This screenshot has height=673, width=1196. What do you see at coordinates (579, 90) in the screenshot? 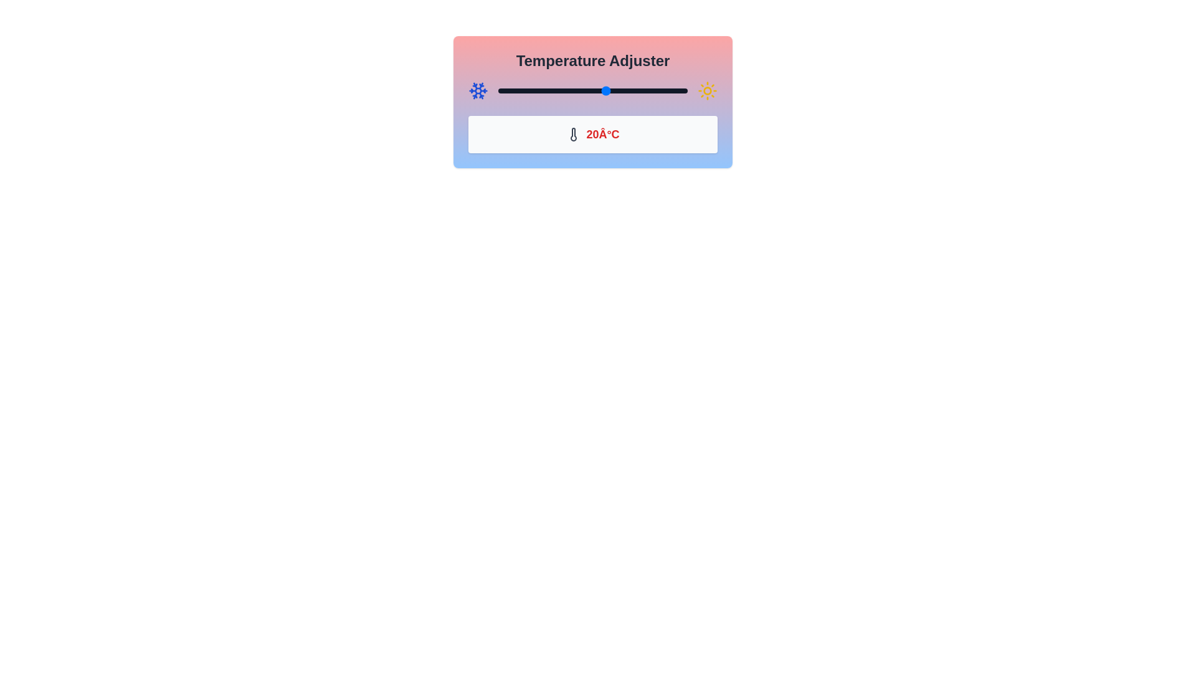
I see `the temperature to 10°C using the slider` at bounding box center [579, 90].